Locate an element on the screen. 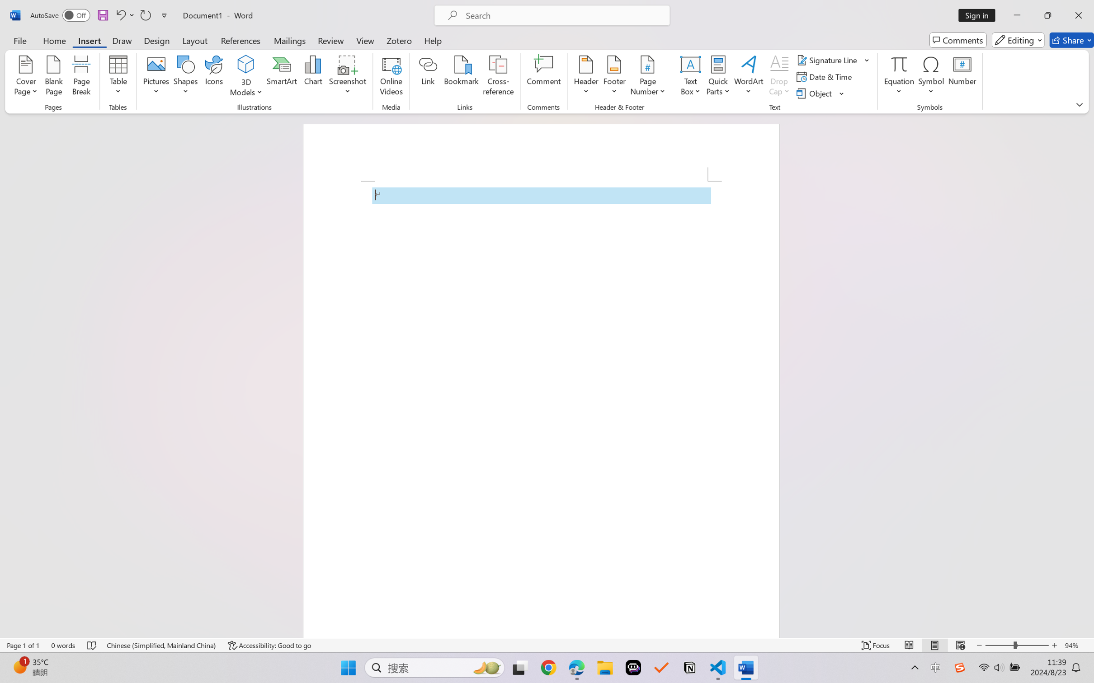  'Cover Page' is located at coordinates (26, 77).